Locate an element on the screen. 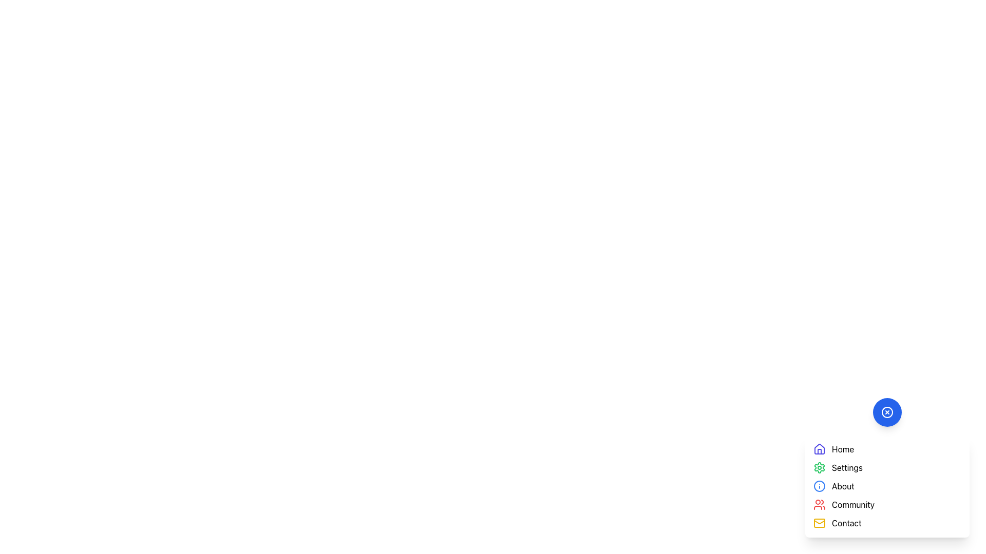  styling of the circular background of the floating action button located near the bottom-right corner of the main interface is located at coordinates (819, 486).